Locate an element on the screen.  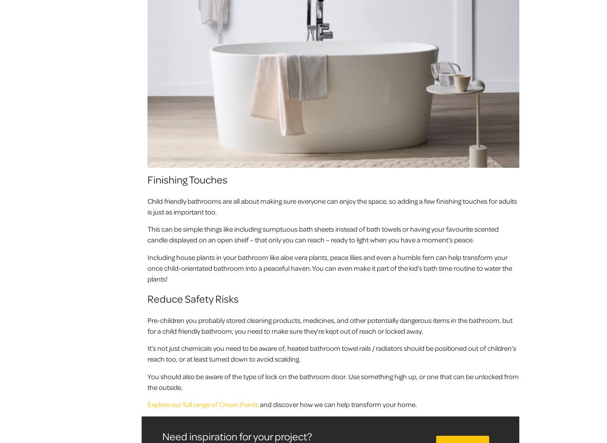
'This can be simple things like including sumptuous bath sheets instead of bath towels or having your favourite scented candle displayed on an open shelf – that only you can reach – ready to light when you have a moment’s peace.' is located at coordinates (322, 234).